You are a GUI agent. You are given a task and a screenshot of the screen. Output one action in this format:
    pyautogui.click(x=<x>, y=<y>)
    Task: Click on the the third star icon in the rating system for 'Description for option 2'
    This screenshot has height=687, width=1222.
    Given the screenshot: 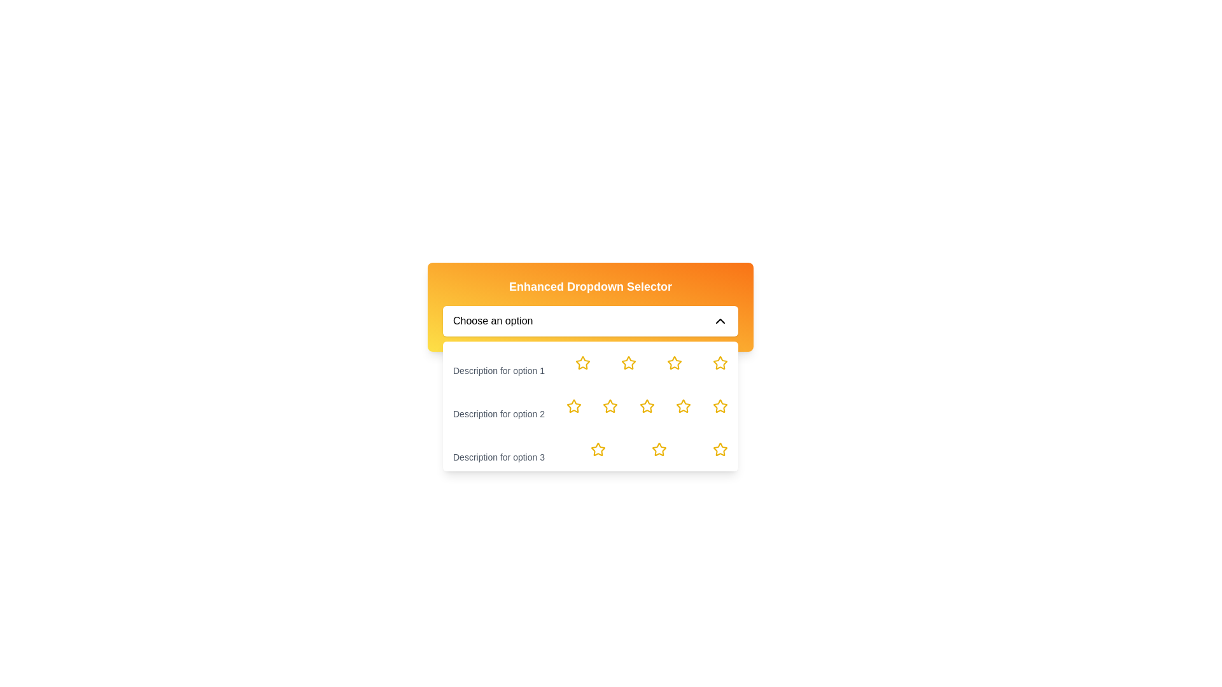 What is the action you would take?
    pyautogui.click(x=573, y=406)
    